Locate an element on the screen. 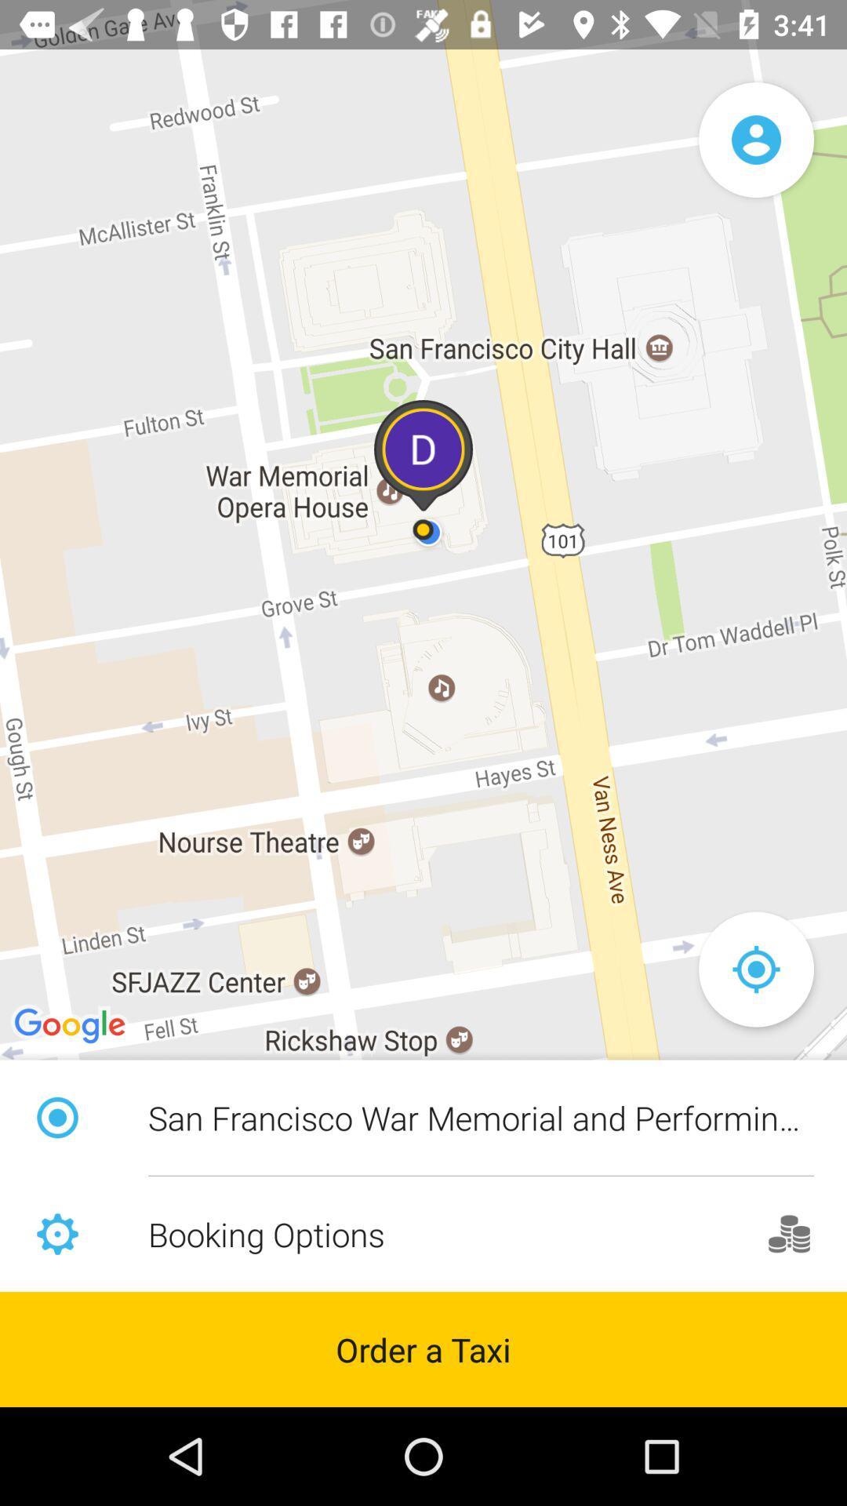  the location_crosshair icon is located at coordinates (755, 969).